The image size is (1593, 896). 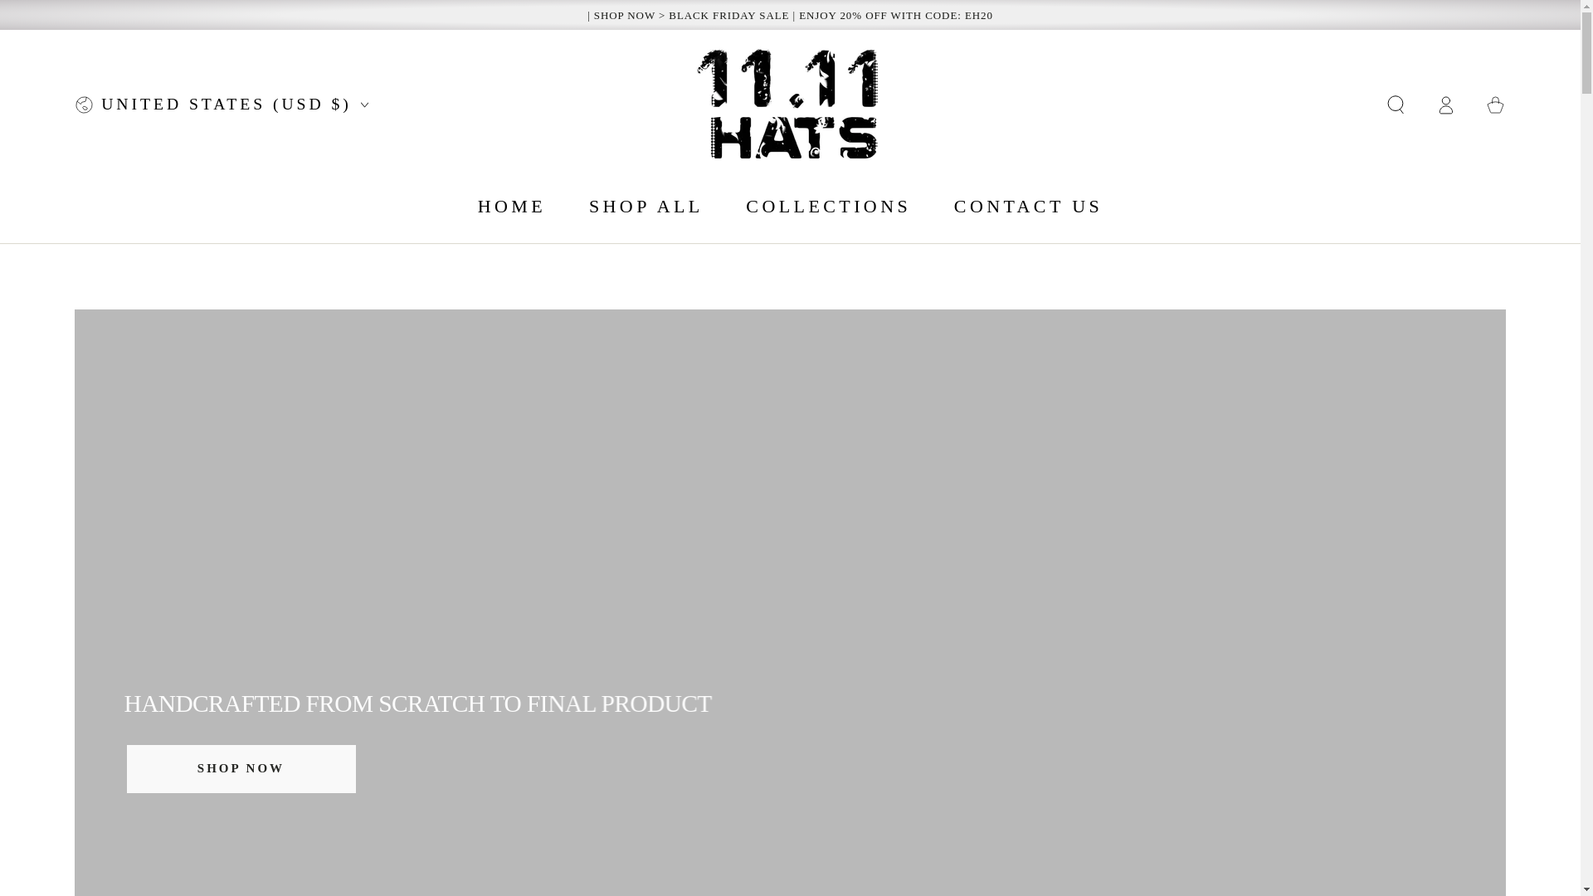 What do you see at coordinates (1444, 105) in the screenshot?
I see `'Log in'` at bounding box center [1444, 105].